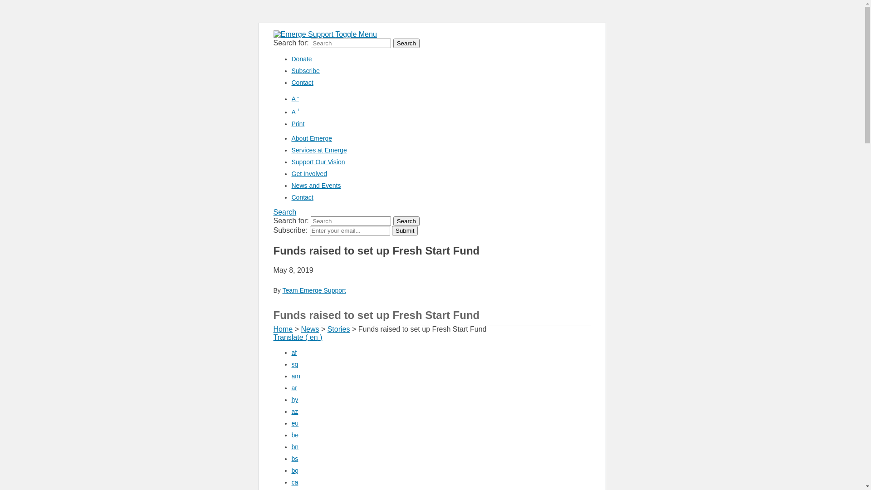 Image resolution: width=871 pixels, height=490 pixels. I want to click on 'Contact', so click(302, 197).